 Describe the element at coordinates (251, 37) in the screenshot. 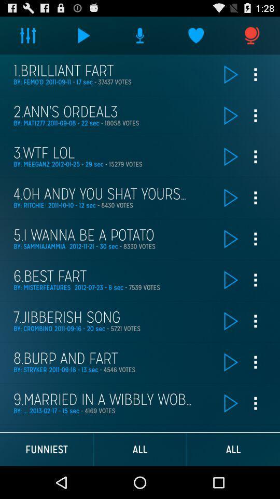

I see `the microphone icon` at that location.